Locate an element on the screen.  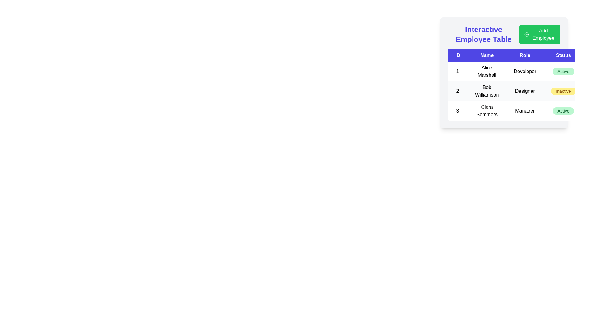
a row in the Interactive Employee Table is located at coordinates (504, 72).